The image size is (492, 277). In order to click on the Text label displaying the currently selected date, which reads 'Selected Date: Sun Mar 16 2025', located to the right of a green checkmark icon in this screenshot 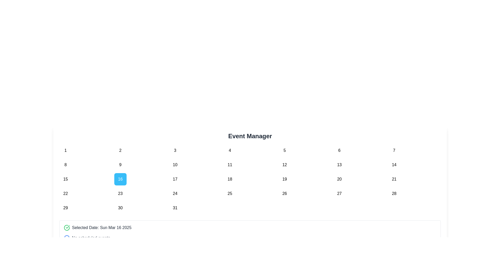, I will do `click(102, 227)`.